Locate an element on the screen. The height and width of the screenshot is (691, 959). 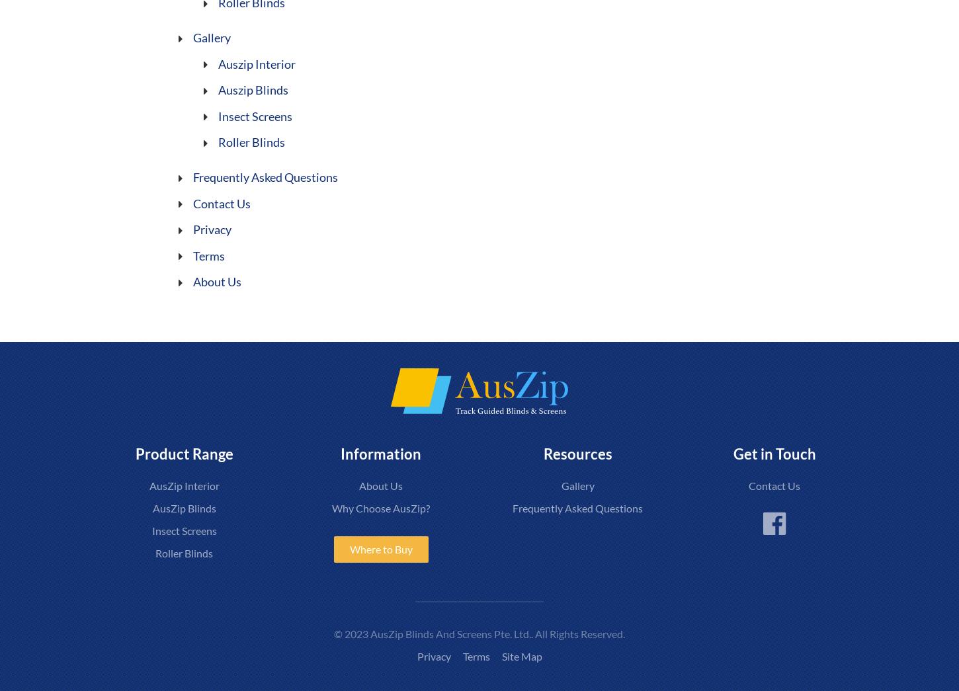
'Why Choose AusZip?' is located at coordinates (380, 508).